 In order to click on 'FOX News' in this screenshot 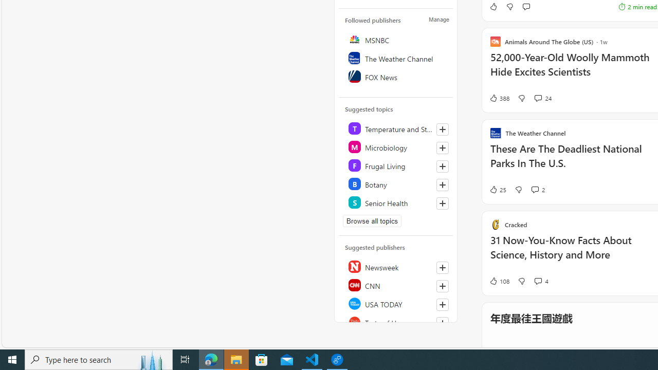, I will do `click(396, 76)`.